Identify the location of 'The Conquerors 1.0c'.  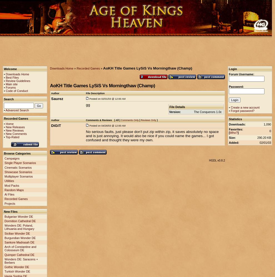
(208, 112).